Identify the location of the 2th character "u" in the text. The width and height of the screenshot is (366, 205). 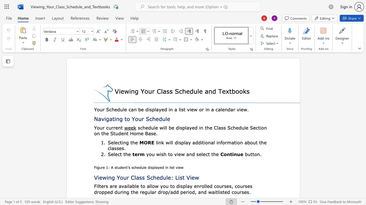
(164, 177).